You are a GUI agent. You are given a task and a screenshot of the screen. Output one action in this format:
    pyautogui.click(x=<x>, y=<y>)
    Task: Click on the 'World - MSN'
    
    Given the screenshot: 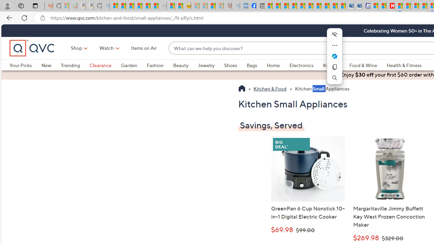 What is the action you would take?
    pyautogui.click(x=284, y=6)
    